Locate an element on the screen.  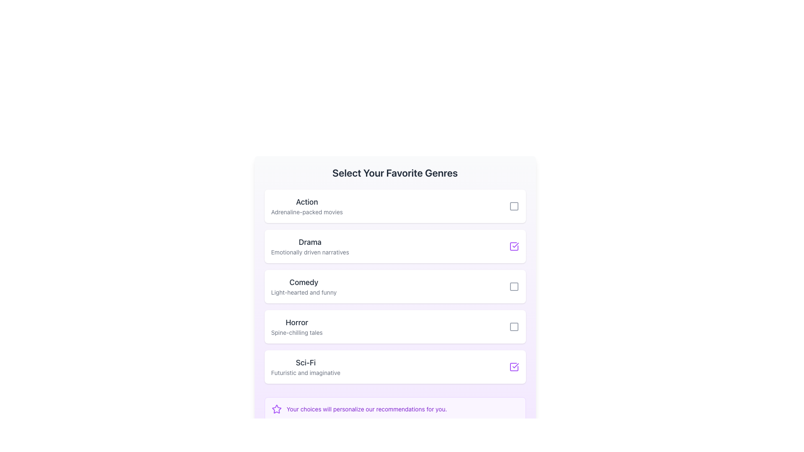
the confirmation icon for the selected 'Drama' genre in the 'Select Your Favorite Genres' list to ensure the selection is correct is located at coordinates (515, 245).